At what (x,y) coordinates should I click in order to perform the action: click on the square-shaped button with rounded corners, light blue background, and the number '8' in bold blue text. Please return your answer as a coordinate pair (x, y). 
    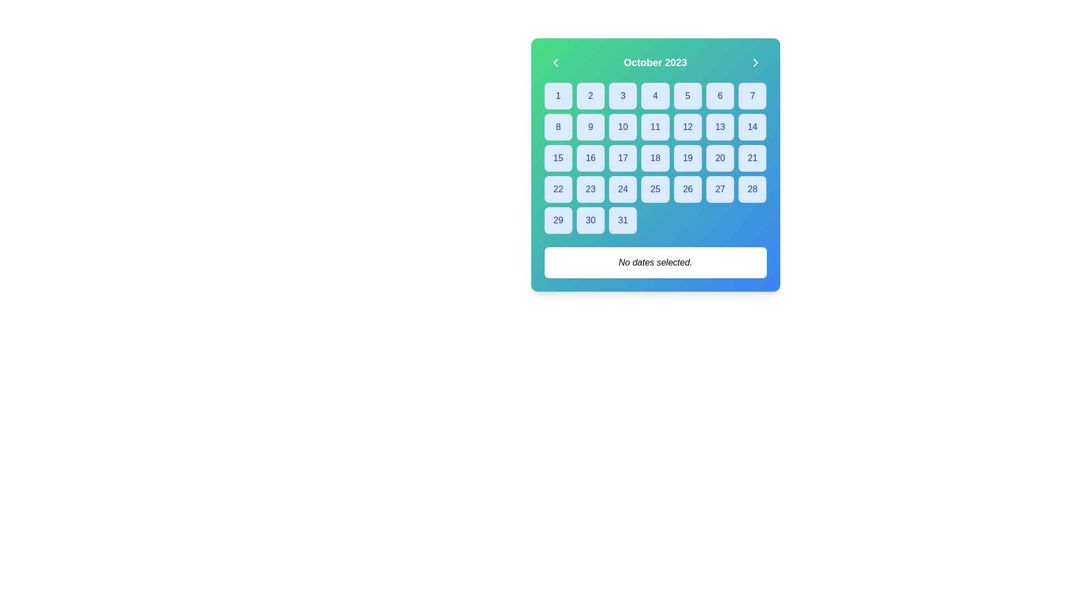
    Looking at the image, I should click on (557, 126).